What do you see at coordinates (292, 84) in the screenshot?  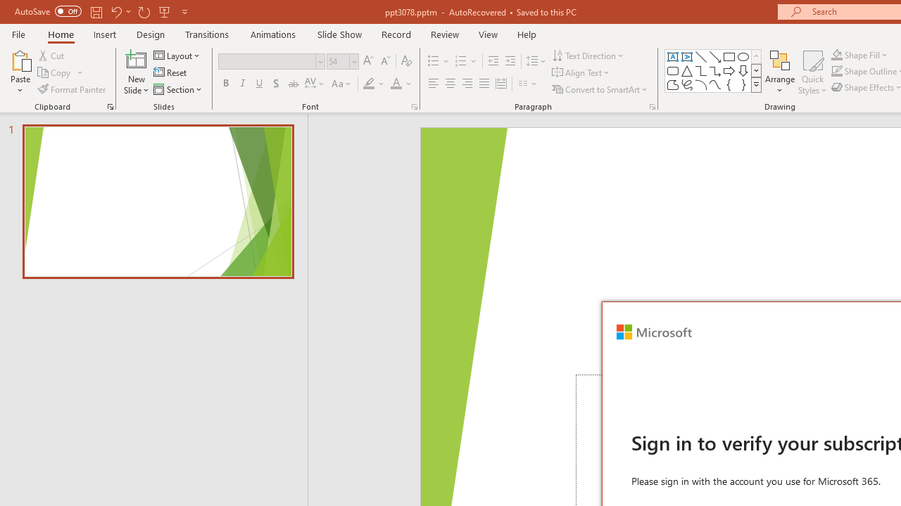 I see `'Strikethrough'` at bounding box center [292, 84].